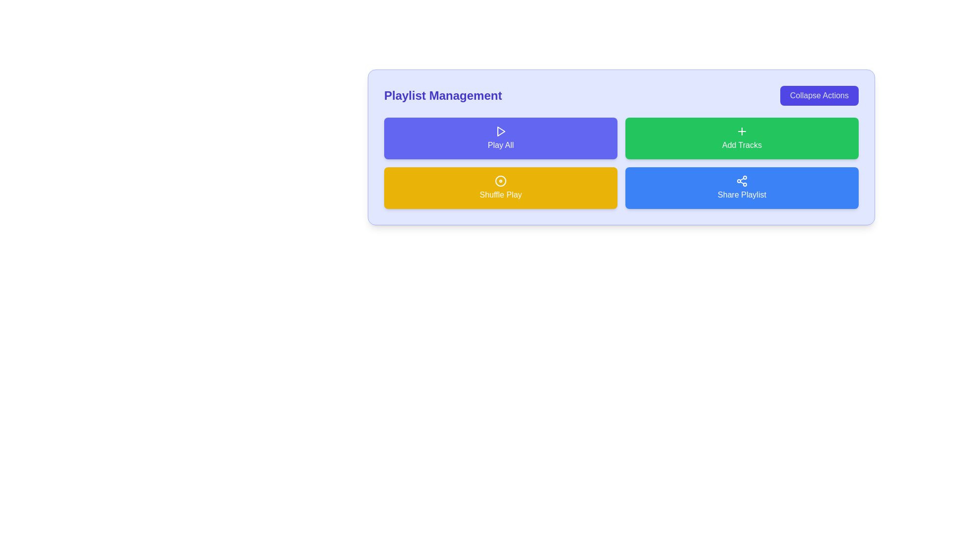 The image size is (953, 536). What do you see at coordinates (742, 181) in the screenshot?
I see `the share icon located inside the blue 'Share Playlist' button in the second row and second column of the grid layout` at bounding box center [742, 181].